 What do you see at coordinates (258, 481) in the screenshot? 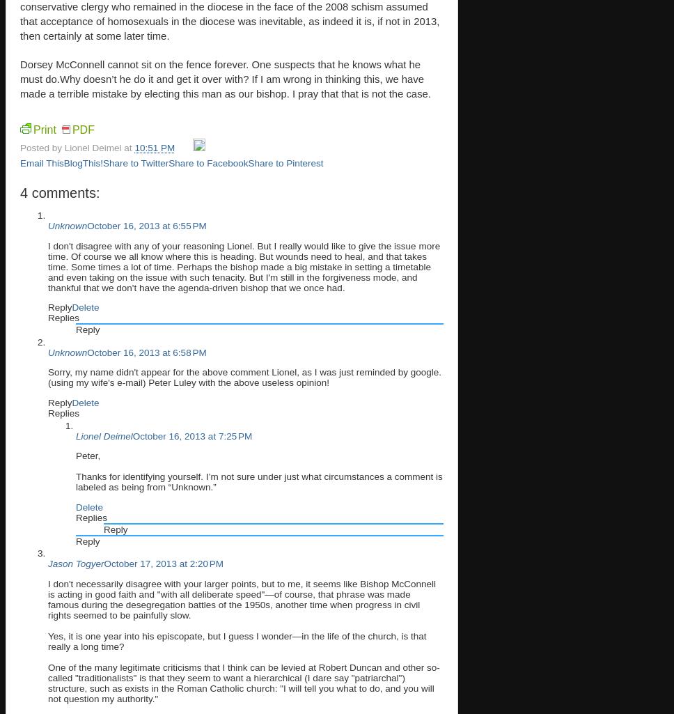
I see `'Thanks for identifying yourself. I’m not sure under just what circumstances a comment is labeled as being from “Unknown.”'` at bounding box center [258, 481].